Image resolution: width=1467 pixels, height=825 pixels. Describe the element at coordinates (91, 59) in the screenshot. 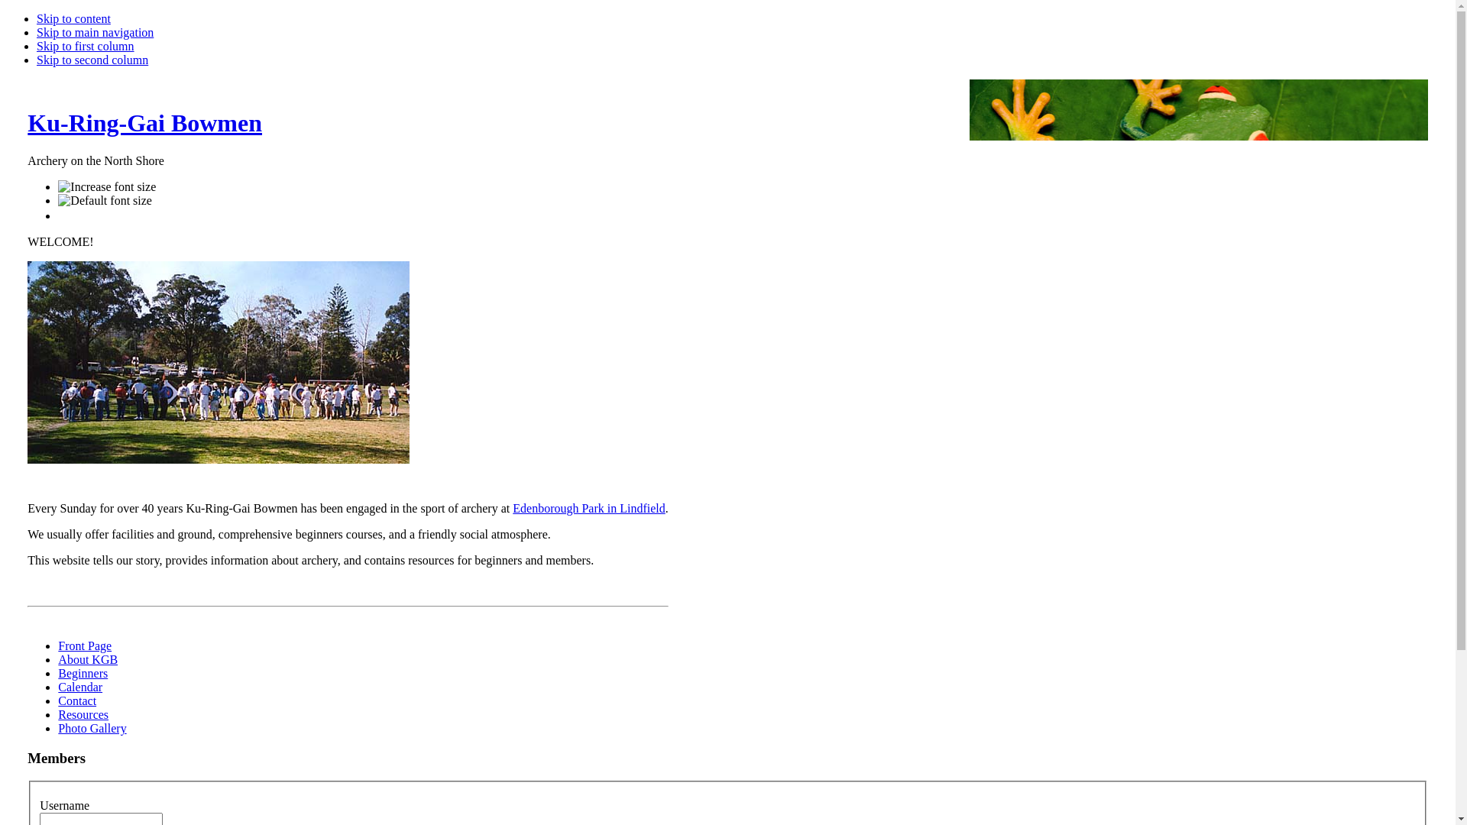

I see `'Skip to second column'` at that location.